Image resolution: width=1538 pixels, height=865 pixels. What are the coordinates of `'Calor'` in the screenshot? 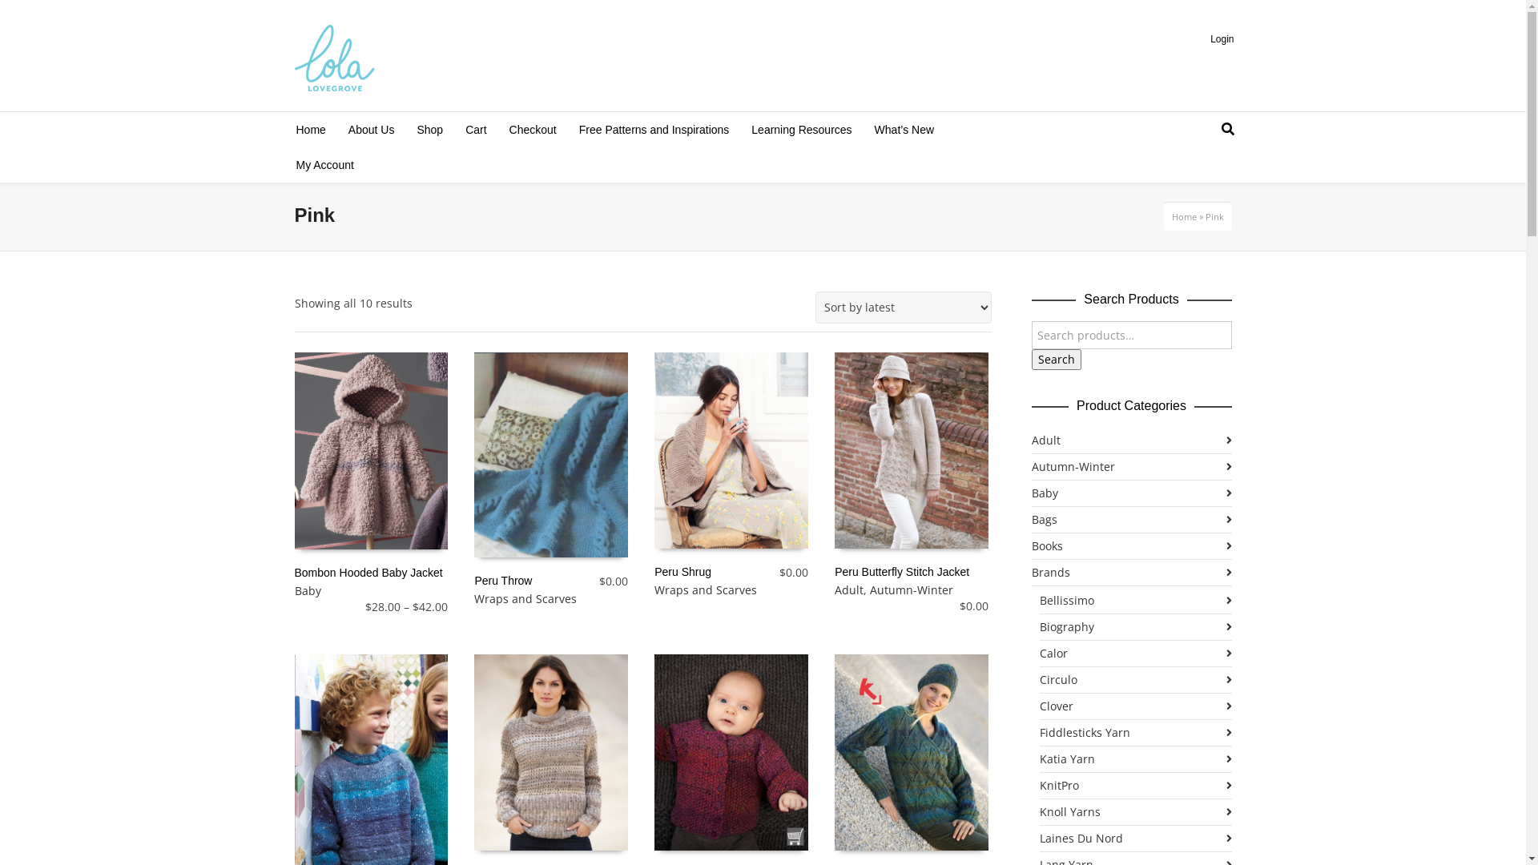 It's located at (1134, 654).